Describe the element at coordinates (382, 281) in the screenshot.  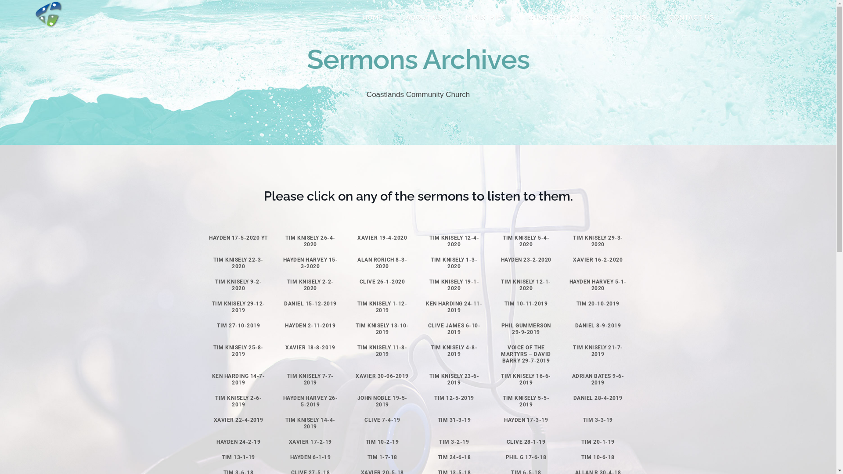
I see `'CLIVE 26-1-2020'` at that location.